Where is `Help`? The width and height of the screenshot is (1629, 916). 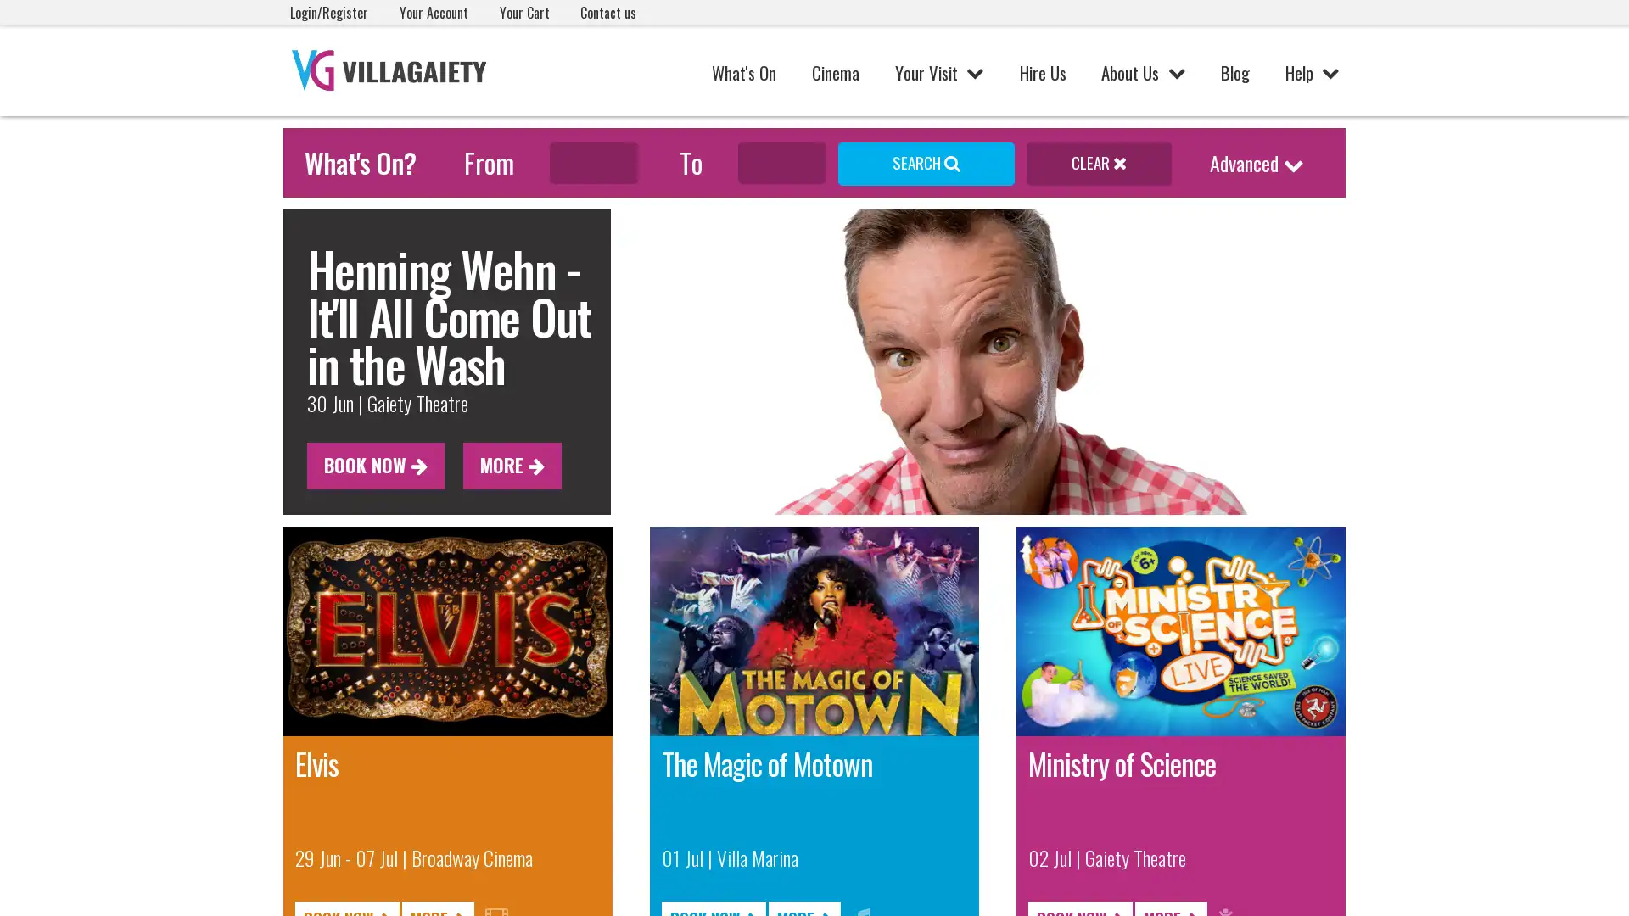 Help is located at coordinates (1311, 71).